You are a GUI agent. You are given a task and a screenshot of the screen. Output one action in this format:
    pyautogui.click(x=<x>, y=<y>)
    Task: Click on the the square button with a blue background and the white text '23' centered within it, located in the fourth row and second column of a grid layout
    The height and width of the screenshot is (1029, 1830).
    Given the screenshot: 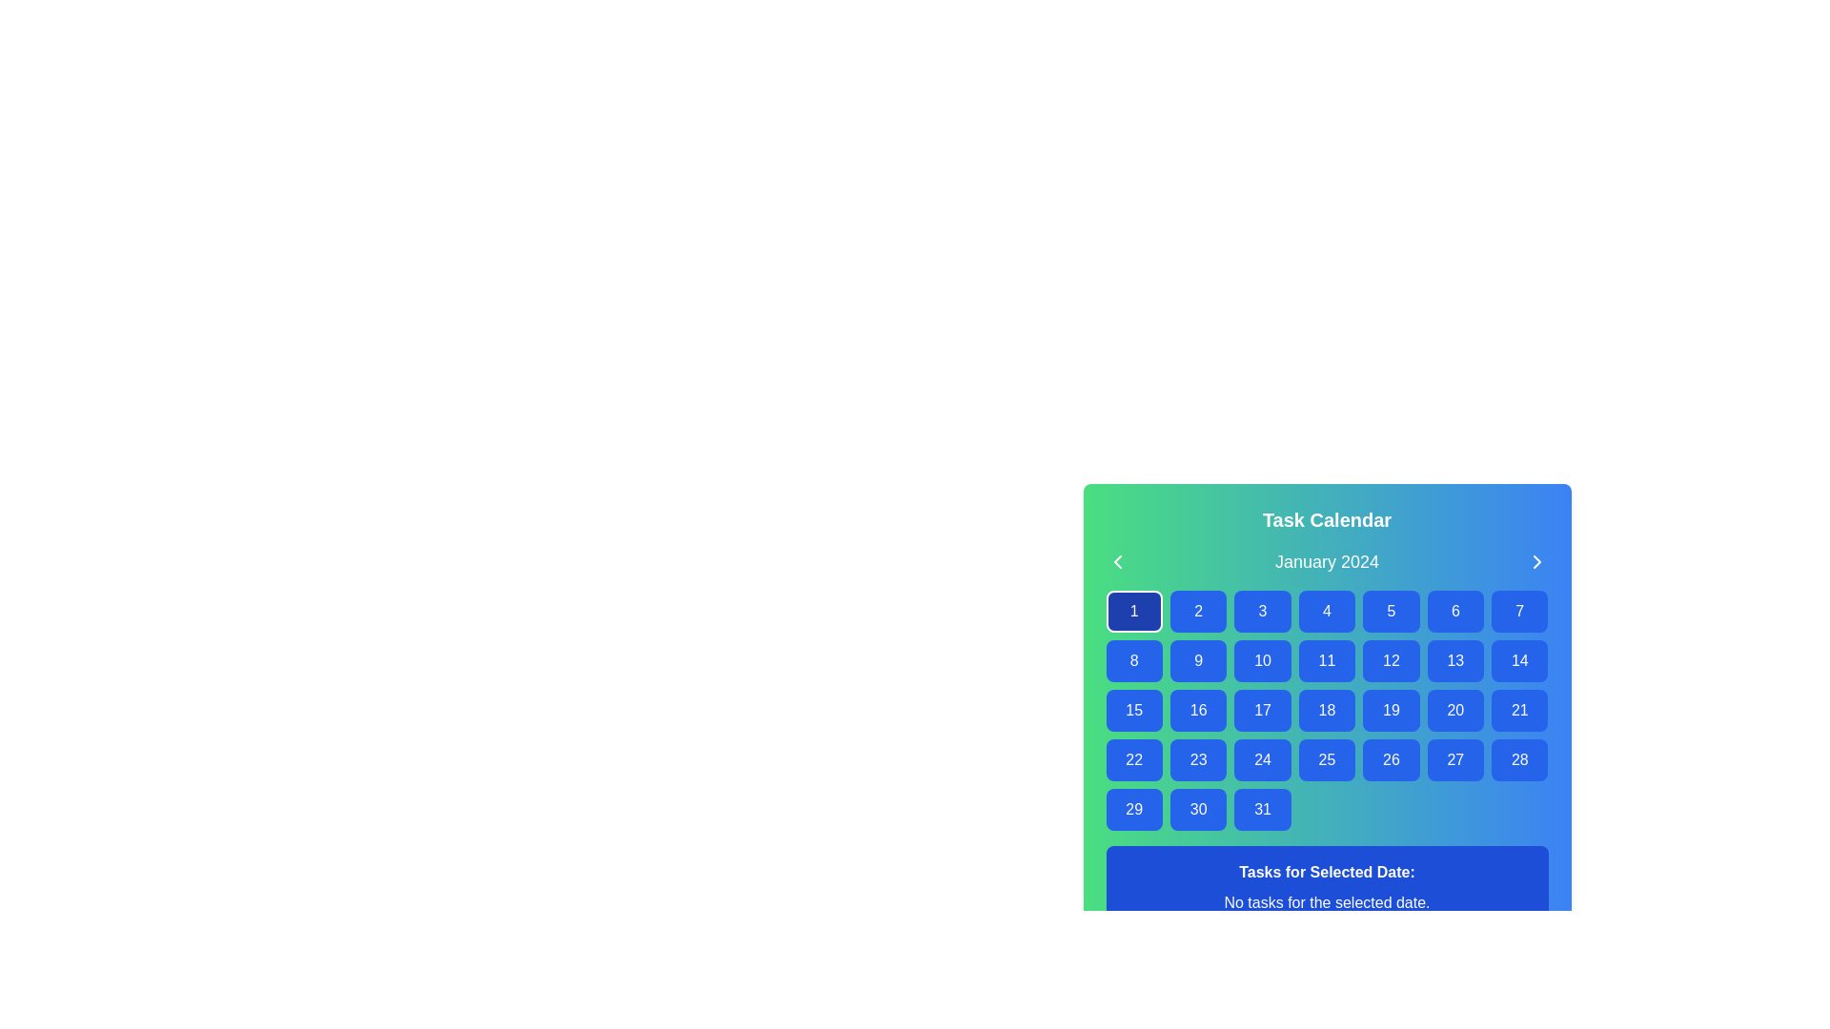 What is the action you would take?
    pyautogui.click(x=1197, y=759)
    